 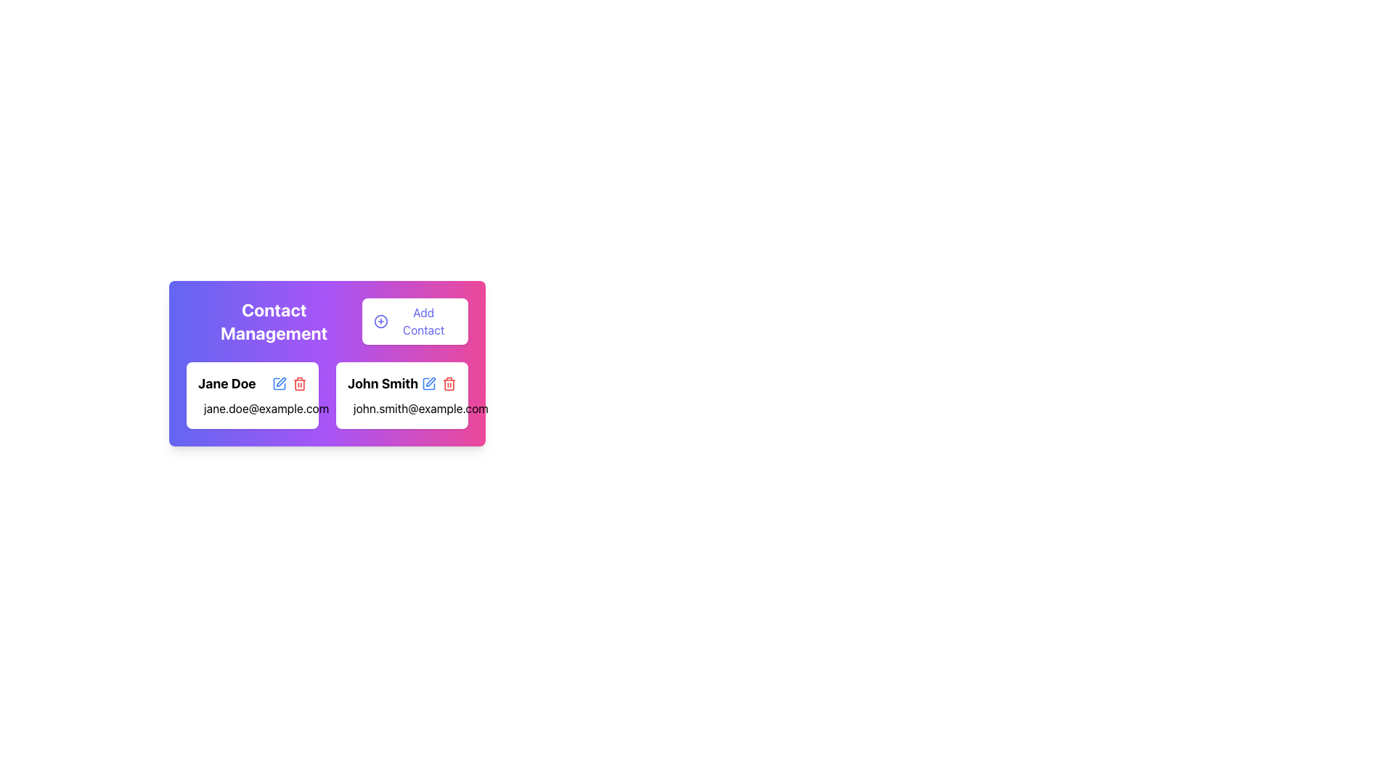 I want to click on email address 'jane.doe@example.com' displayed in the card labeled 'Jane Doe', which is styled in a small, legible font and positioned below the name, so click(x=252, y=409).